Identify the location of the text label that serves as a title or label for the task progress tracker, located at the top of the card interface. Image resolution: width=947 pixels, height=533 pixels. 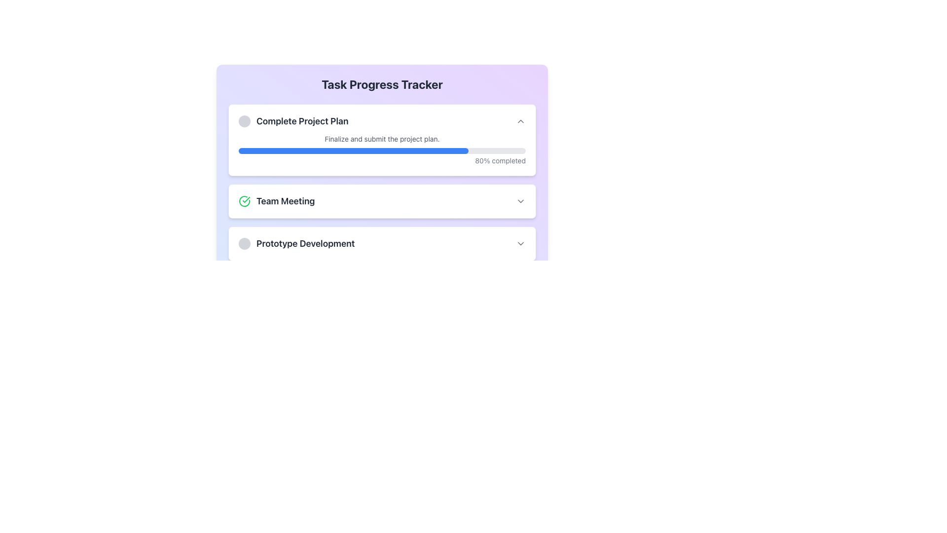
(381, 83).